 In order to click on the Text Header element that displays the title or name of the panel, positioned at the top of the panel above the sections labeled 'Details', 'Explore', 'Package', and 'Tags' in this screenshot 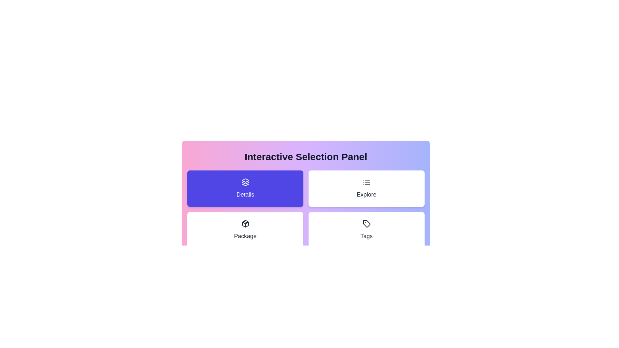, I will do `click(306, 157)`.